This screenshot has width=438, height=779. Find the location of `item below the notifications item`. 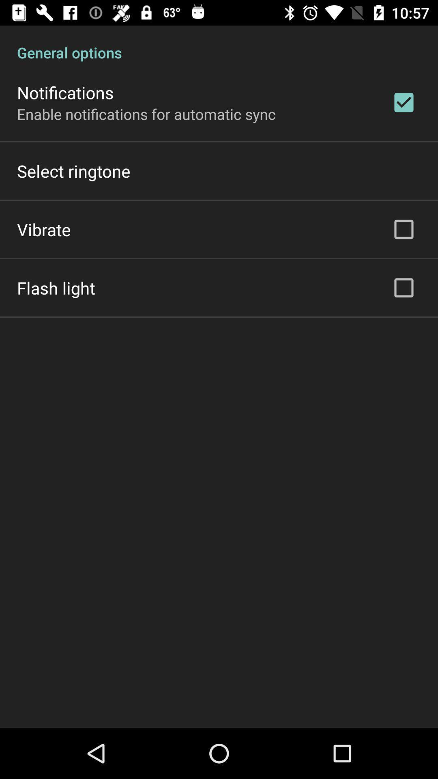

item below the notifications item is located at coordinates (146, 114).